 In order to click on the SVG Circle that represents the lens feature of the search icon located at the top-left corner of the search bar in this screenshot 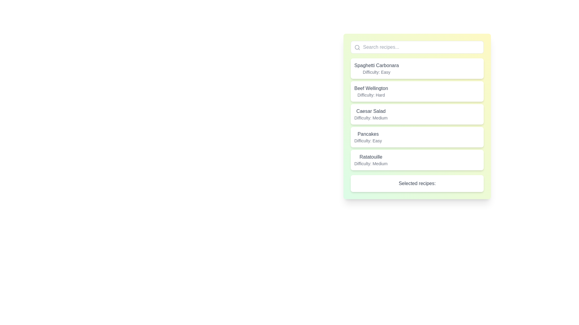, I will do `click(357, 47)`.